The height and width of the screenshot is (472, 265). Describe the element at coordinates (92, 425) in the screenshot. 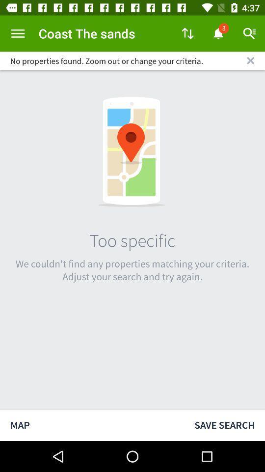

I see `item below we couldn t icon` at that location.